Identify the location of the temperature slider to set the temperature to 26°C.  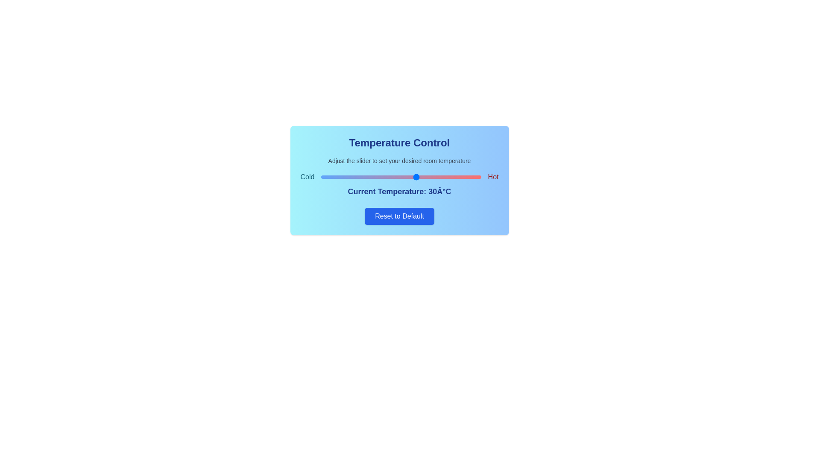
(404, 177).